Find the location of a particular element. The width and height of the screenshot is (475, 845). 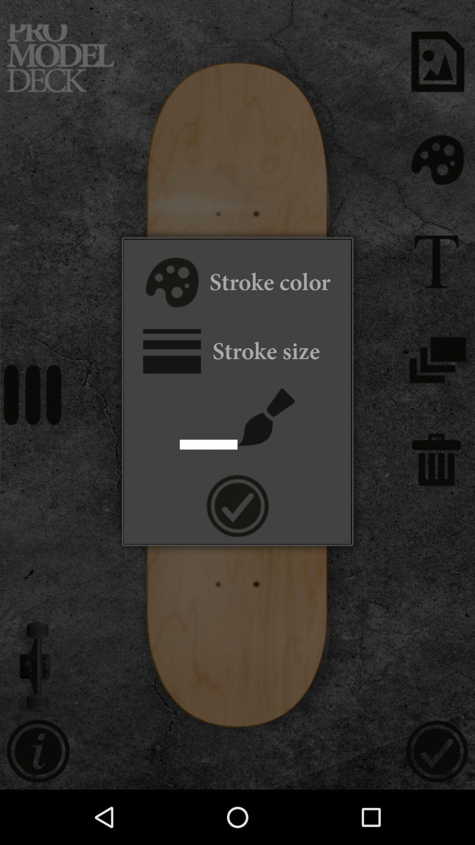

color is located at coordinates (171, 284).